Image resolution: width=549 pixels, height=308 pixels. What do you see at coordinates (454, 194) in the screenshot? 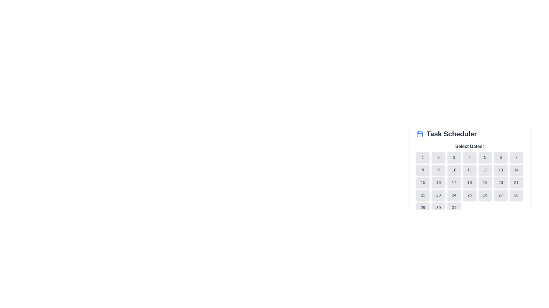
I see `the calendar day selection button for the 24th day located in the grid under 'Select Dates:' title` at bounding box center [454, 194].